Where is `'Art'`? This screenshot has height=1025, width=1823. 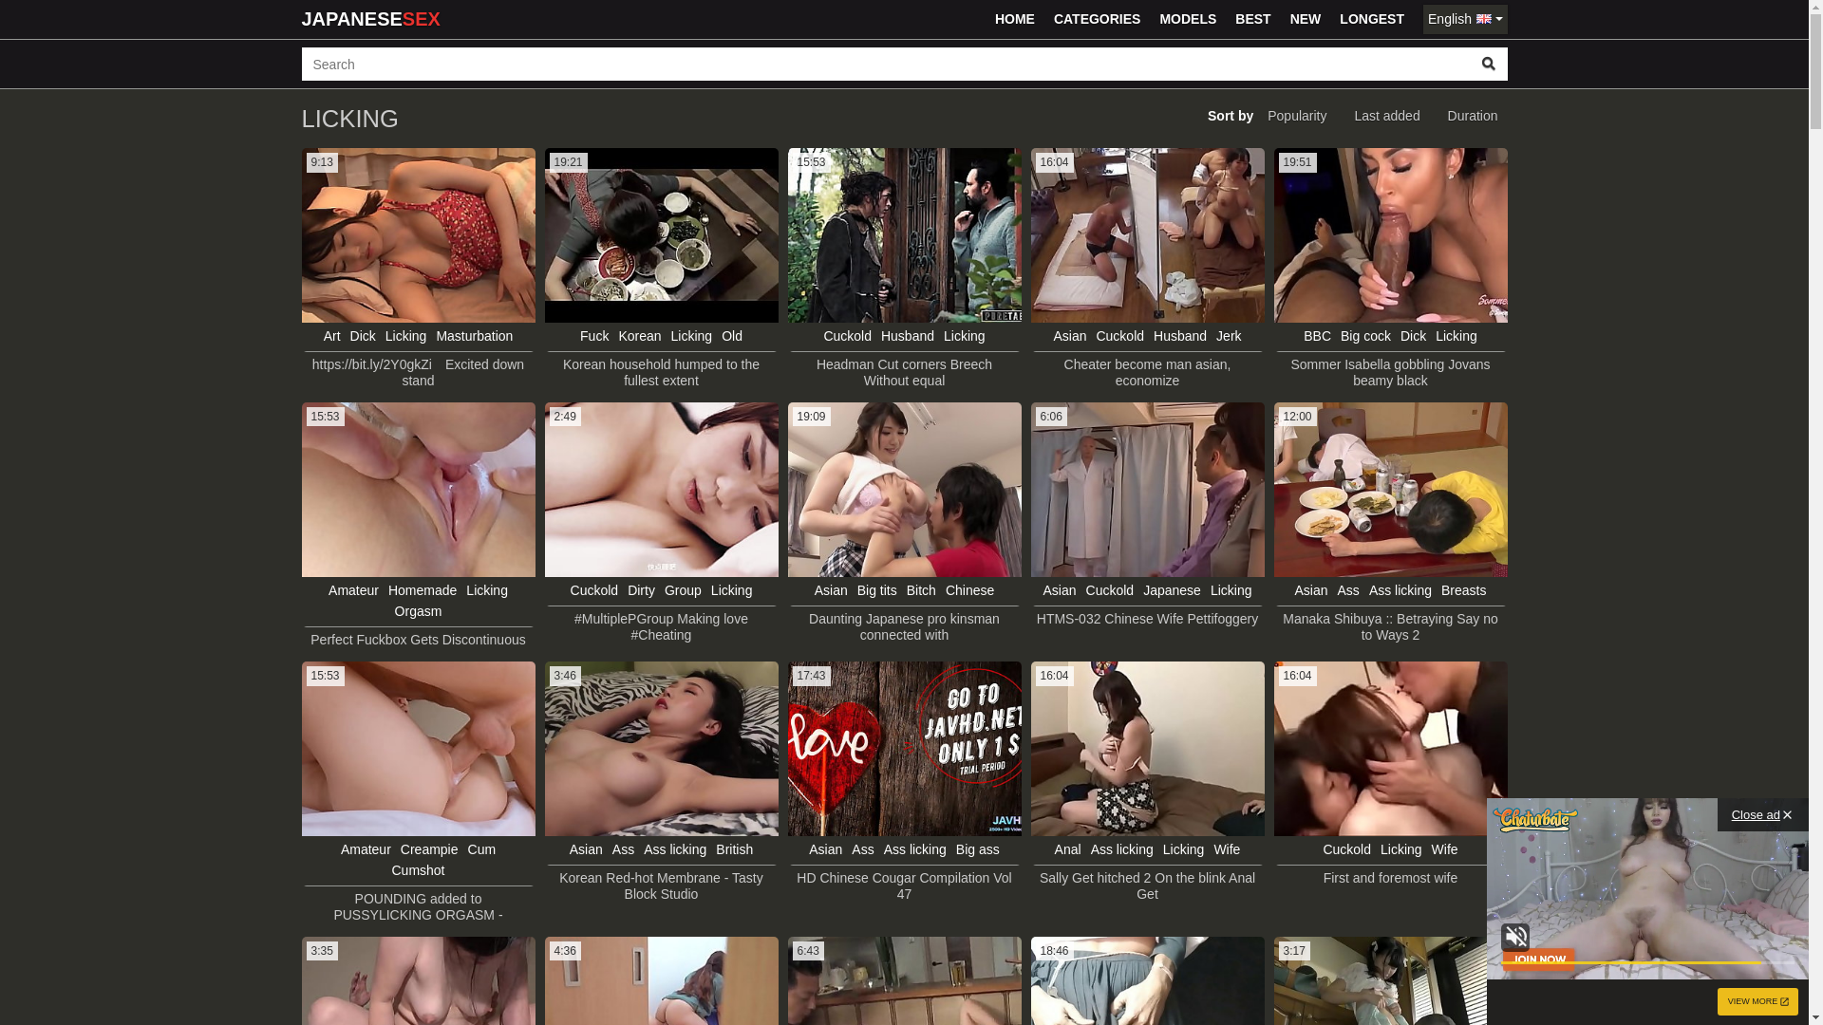 'Art' is located at coordinates (332, 335).